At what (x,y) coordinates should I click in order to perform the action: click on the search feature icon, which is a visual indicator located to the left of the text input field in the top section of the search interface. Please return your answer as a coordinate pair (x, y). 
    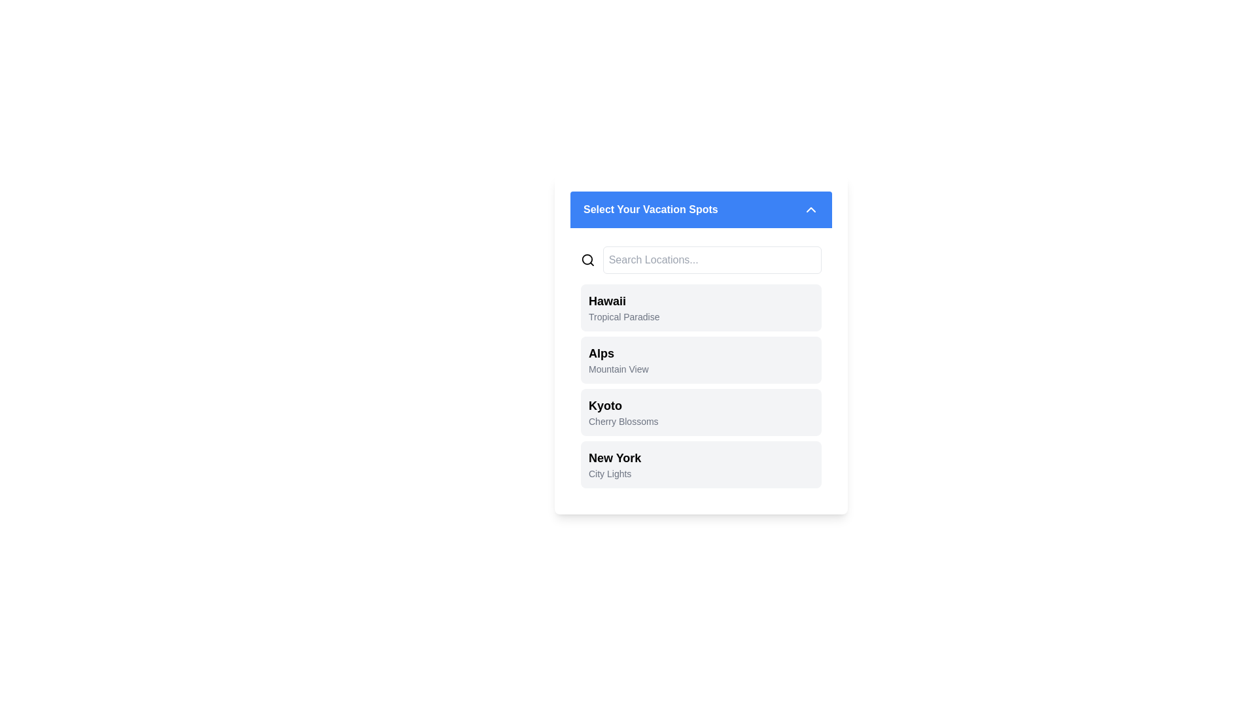
    Looking at the image, I should click on (587, 260).